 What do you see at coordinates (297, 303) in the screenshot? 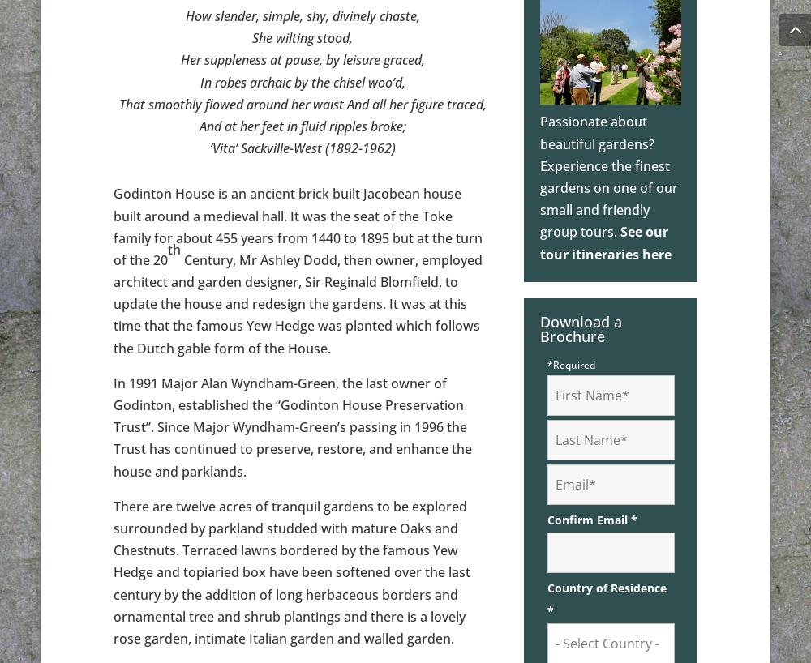
I see `'Century, Mr Ashley Dodd, then owner, employed architect and garden designer, Sir Reginald Blomfield, to update the house and redesign the gardens. It was at this time that the famous Yew Hedge was planted which follows the Dutch gable form of the House.'` at bounding box center [297, 303].